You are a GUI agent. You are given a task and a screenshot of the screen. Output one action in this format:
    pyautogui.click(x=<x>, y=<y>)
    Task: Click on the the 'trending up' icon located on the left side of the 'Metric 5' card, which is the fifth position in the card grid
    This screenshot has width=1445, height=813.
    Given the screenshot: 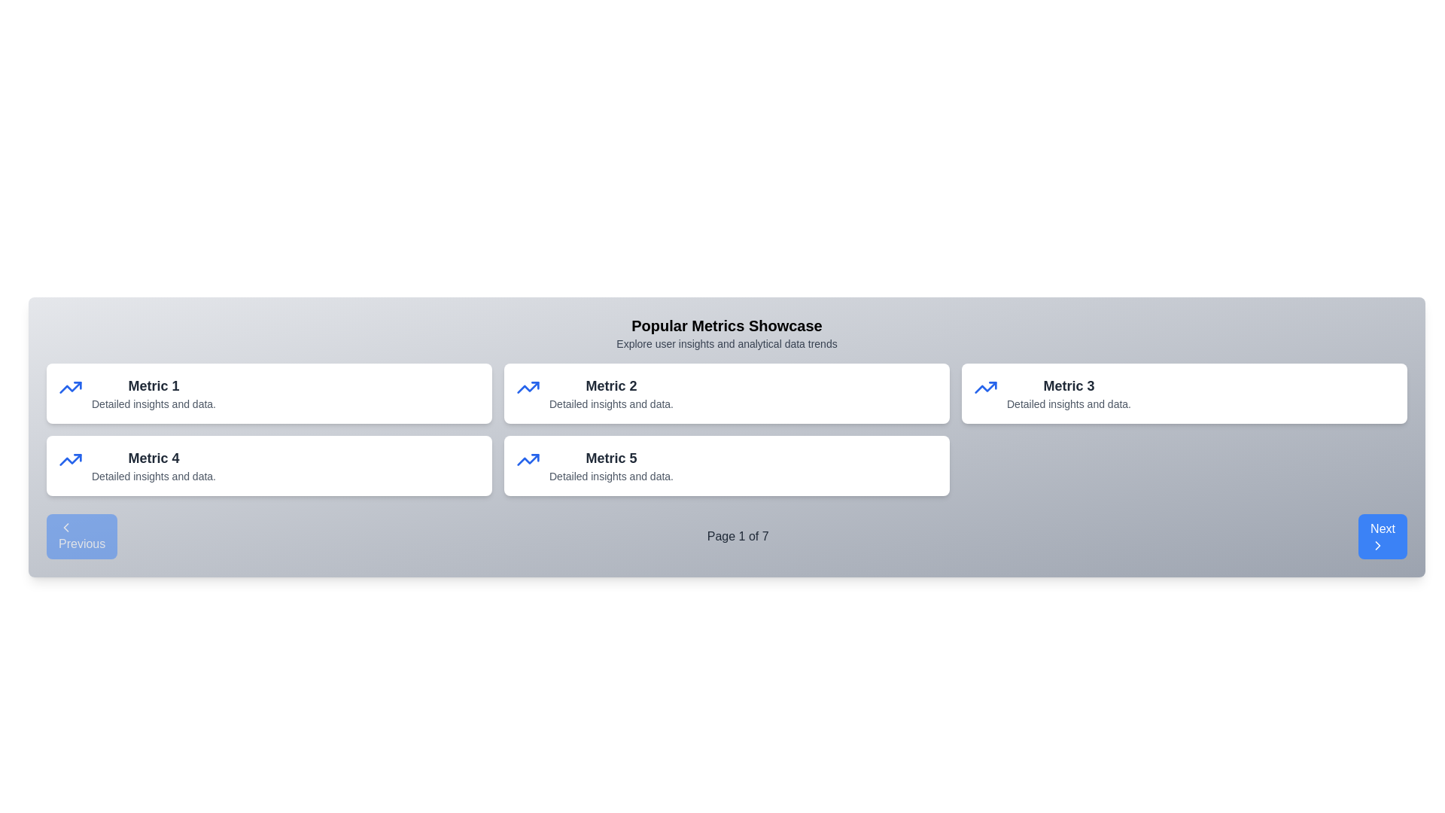 What is the action you would take?
    pyautogui.click(x=528, y=458)
    